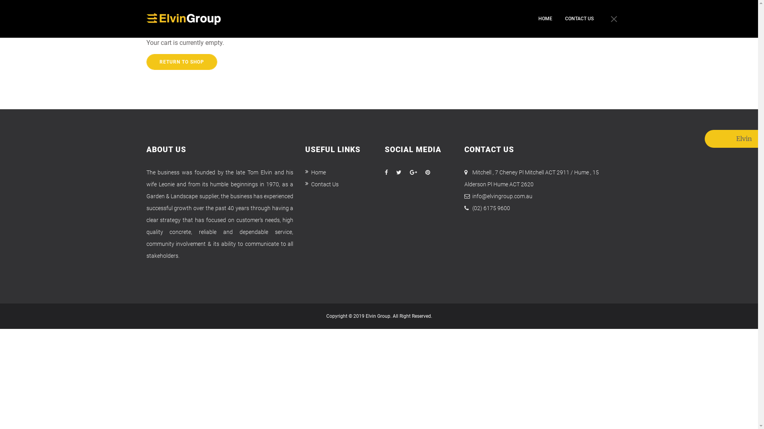  What do you see at coordinates (565, 18) in the screenshot?
I see `'CONTACT US'` at bounding box center [565, 18].